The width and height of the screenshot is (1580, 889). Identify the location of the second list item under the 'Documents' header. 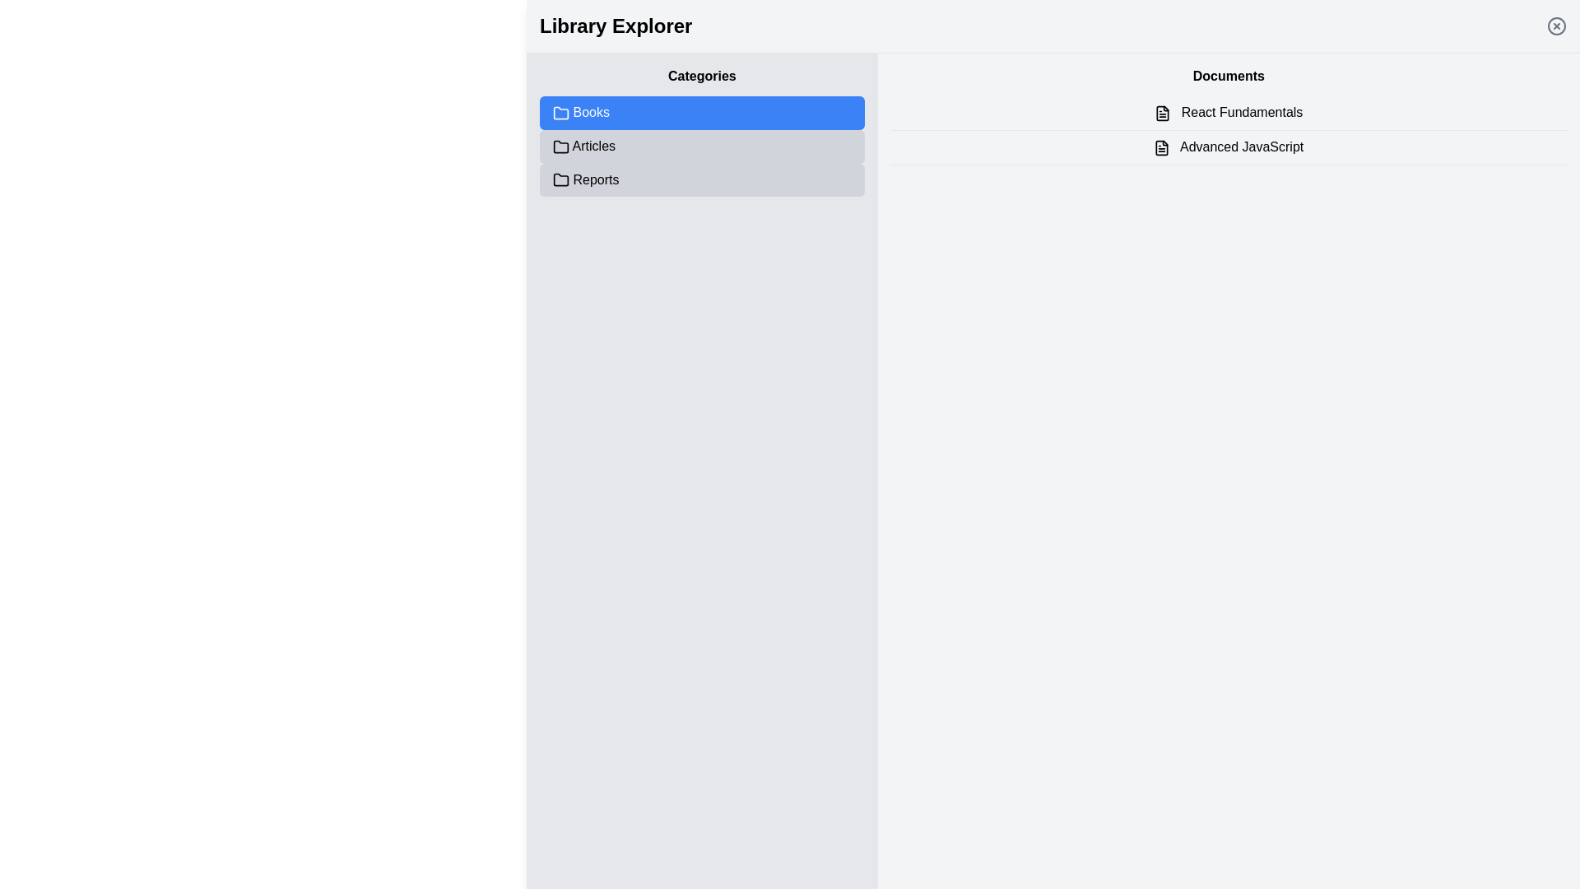
(1229, 147).